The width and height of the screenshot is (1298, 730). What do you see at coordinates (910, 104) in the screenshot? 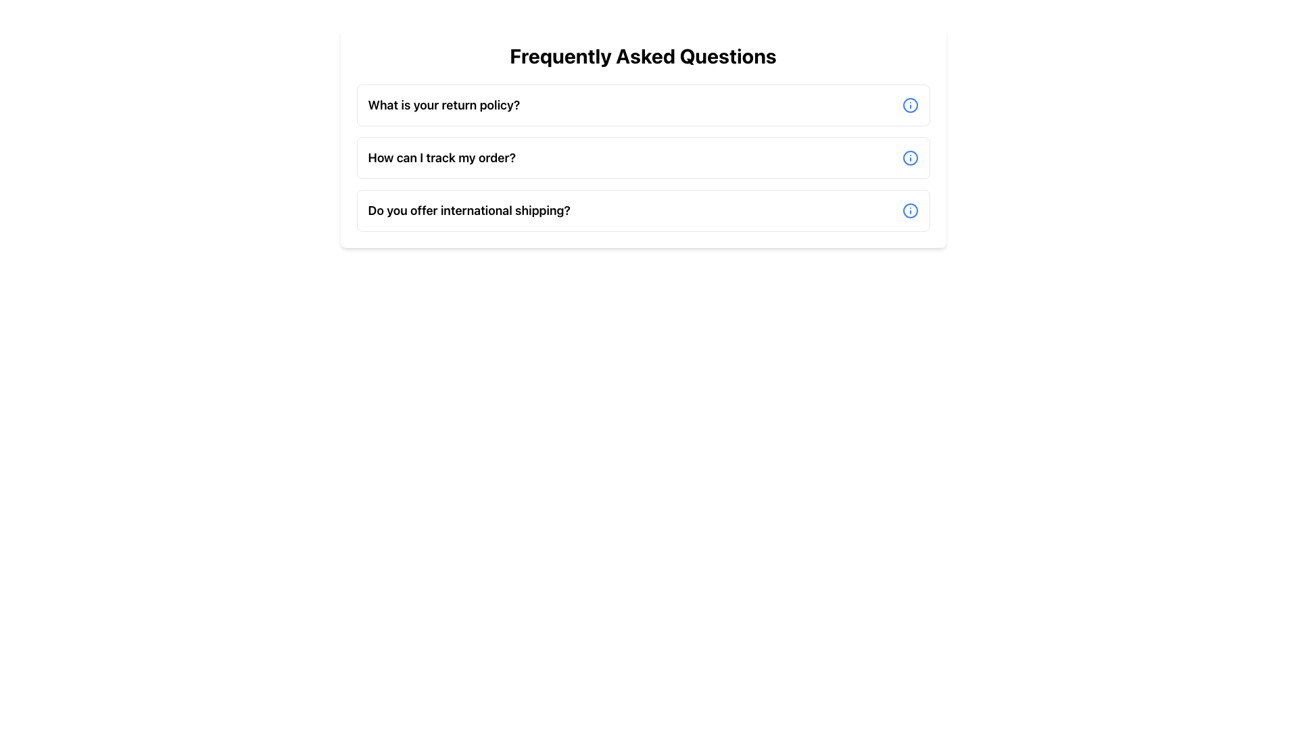
I see `the information icon located to the far right of the 'What is your return policy?' text in the Frequently Asked Questions section` at bounding box center [910, 104].